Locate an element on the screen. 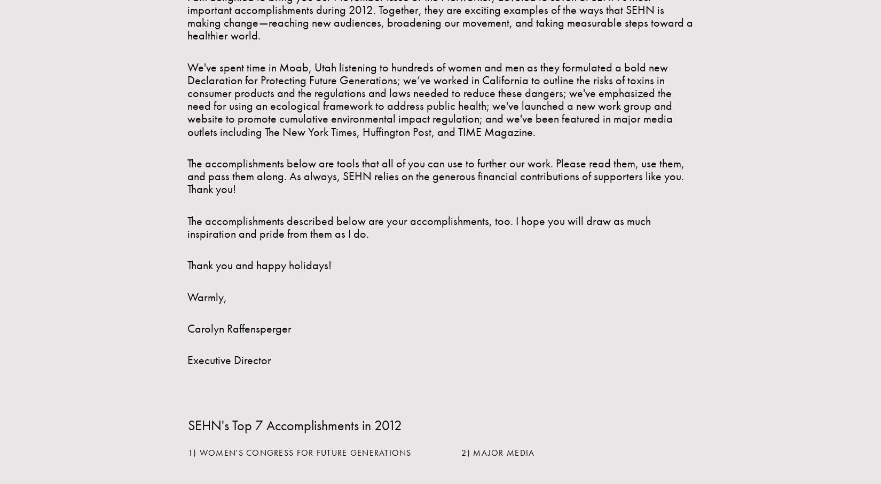 Image resolution: width=881 pixels, height=484 pixels. 'Carolyn Raffensperger' is located at coordinates (239, 328).